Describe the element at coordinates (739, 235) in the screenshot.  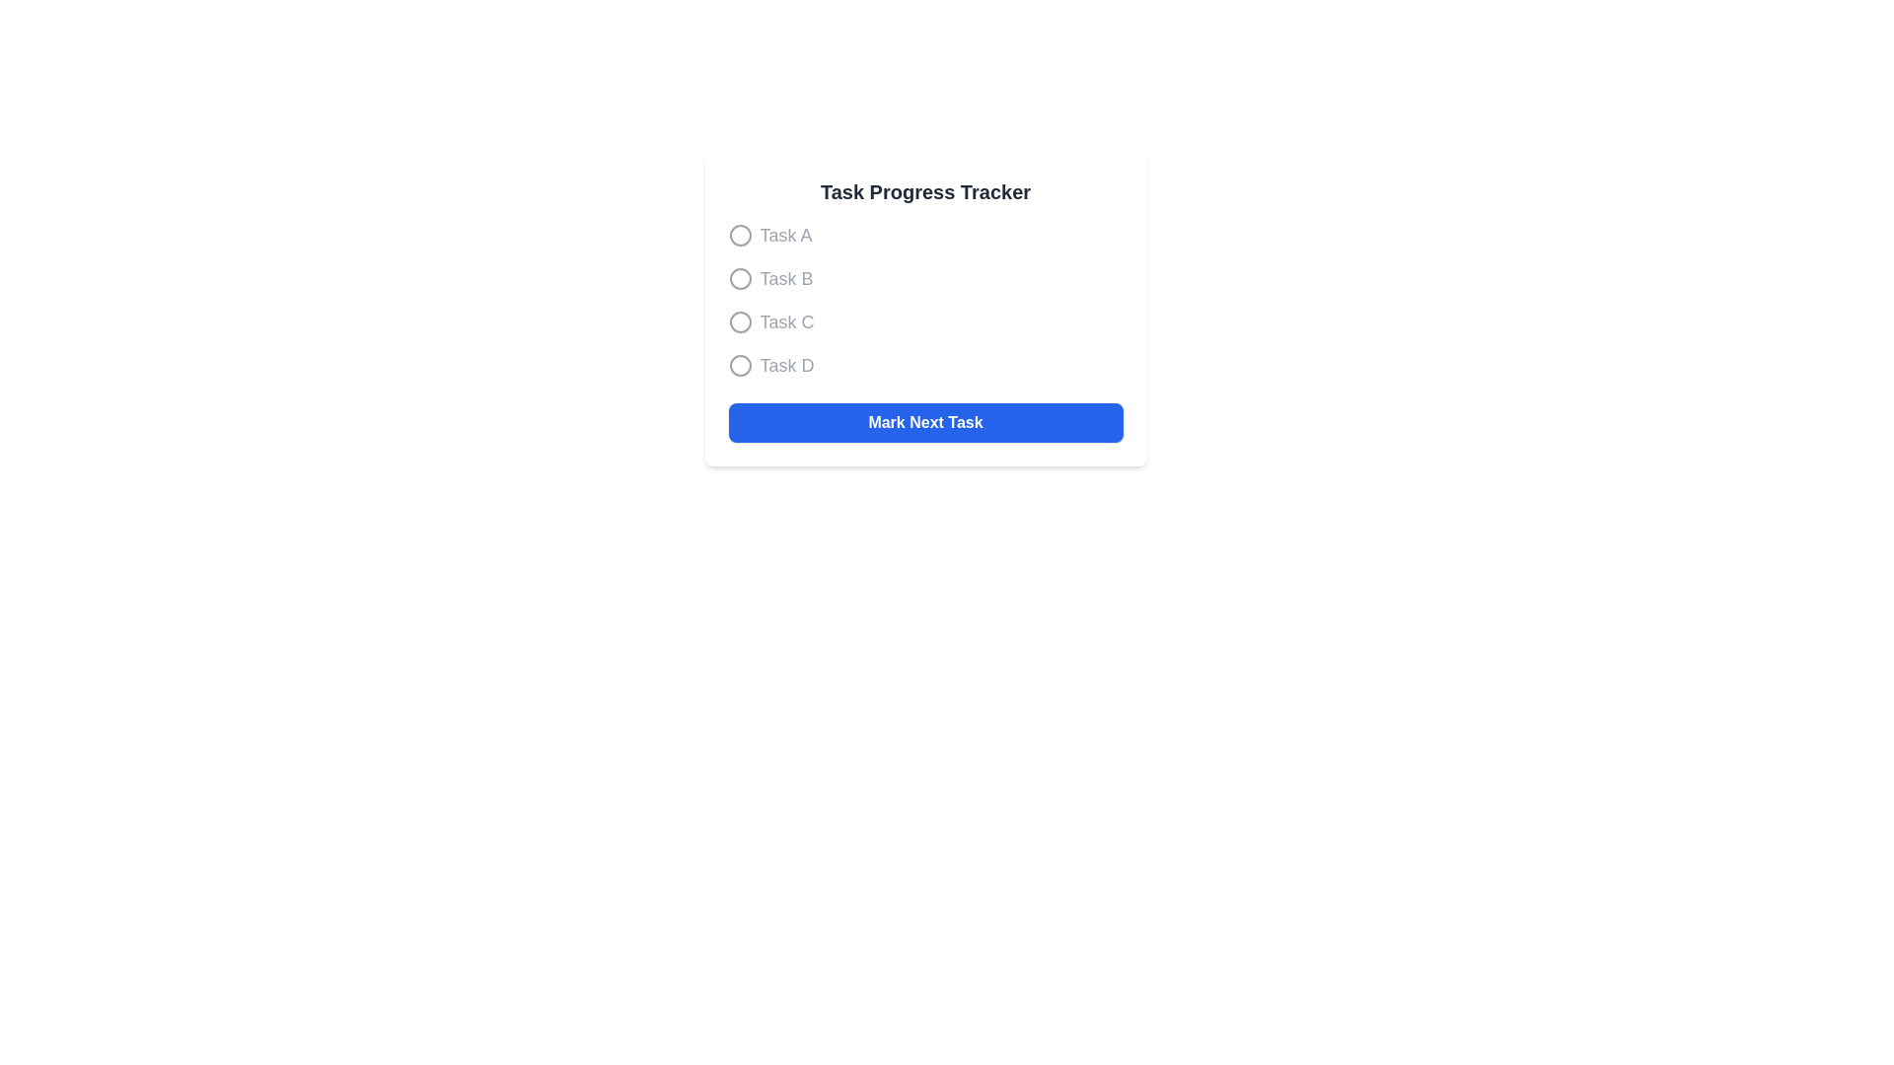
I see `the non-interactive SVG circle element styled as a gray stroke with no fill, located within the 'Task A' item in the task tracker interface` at that location.